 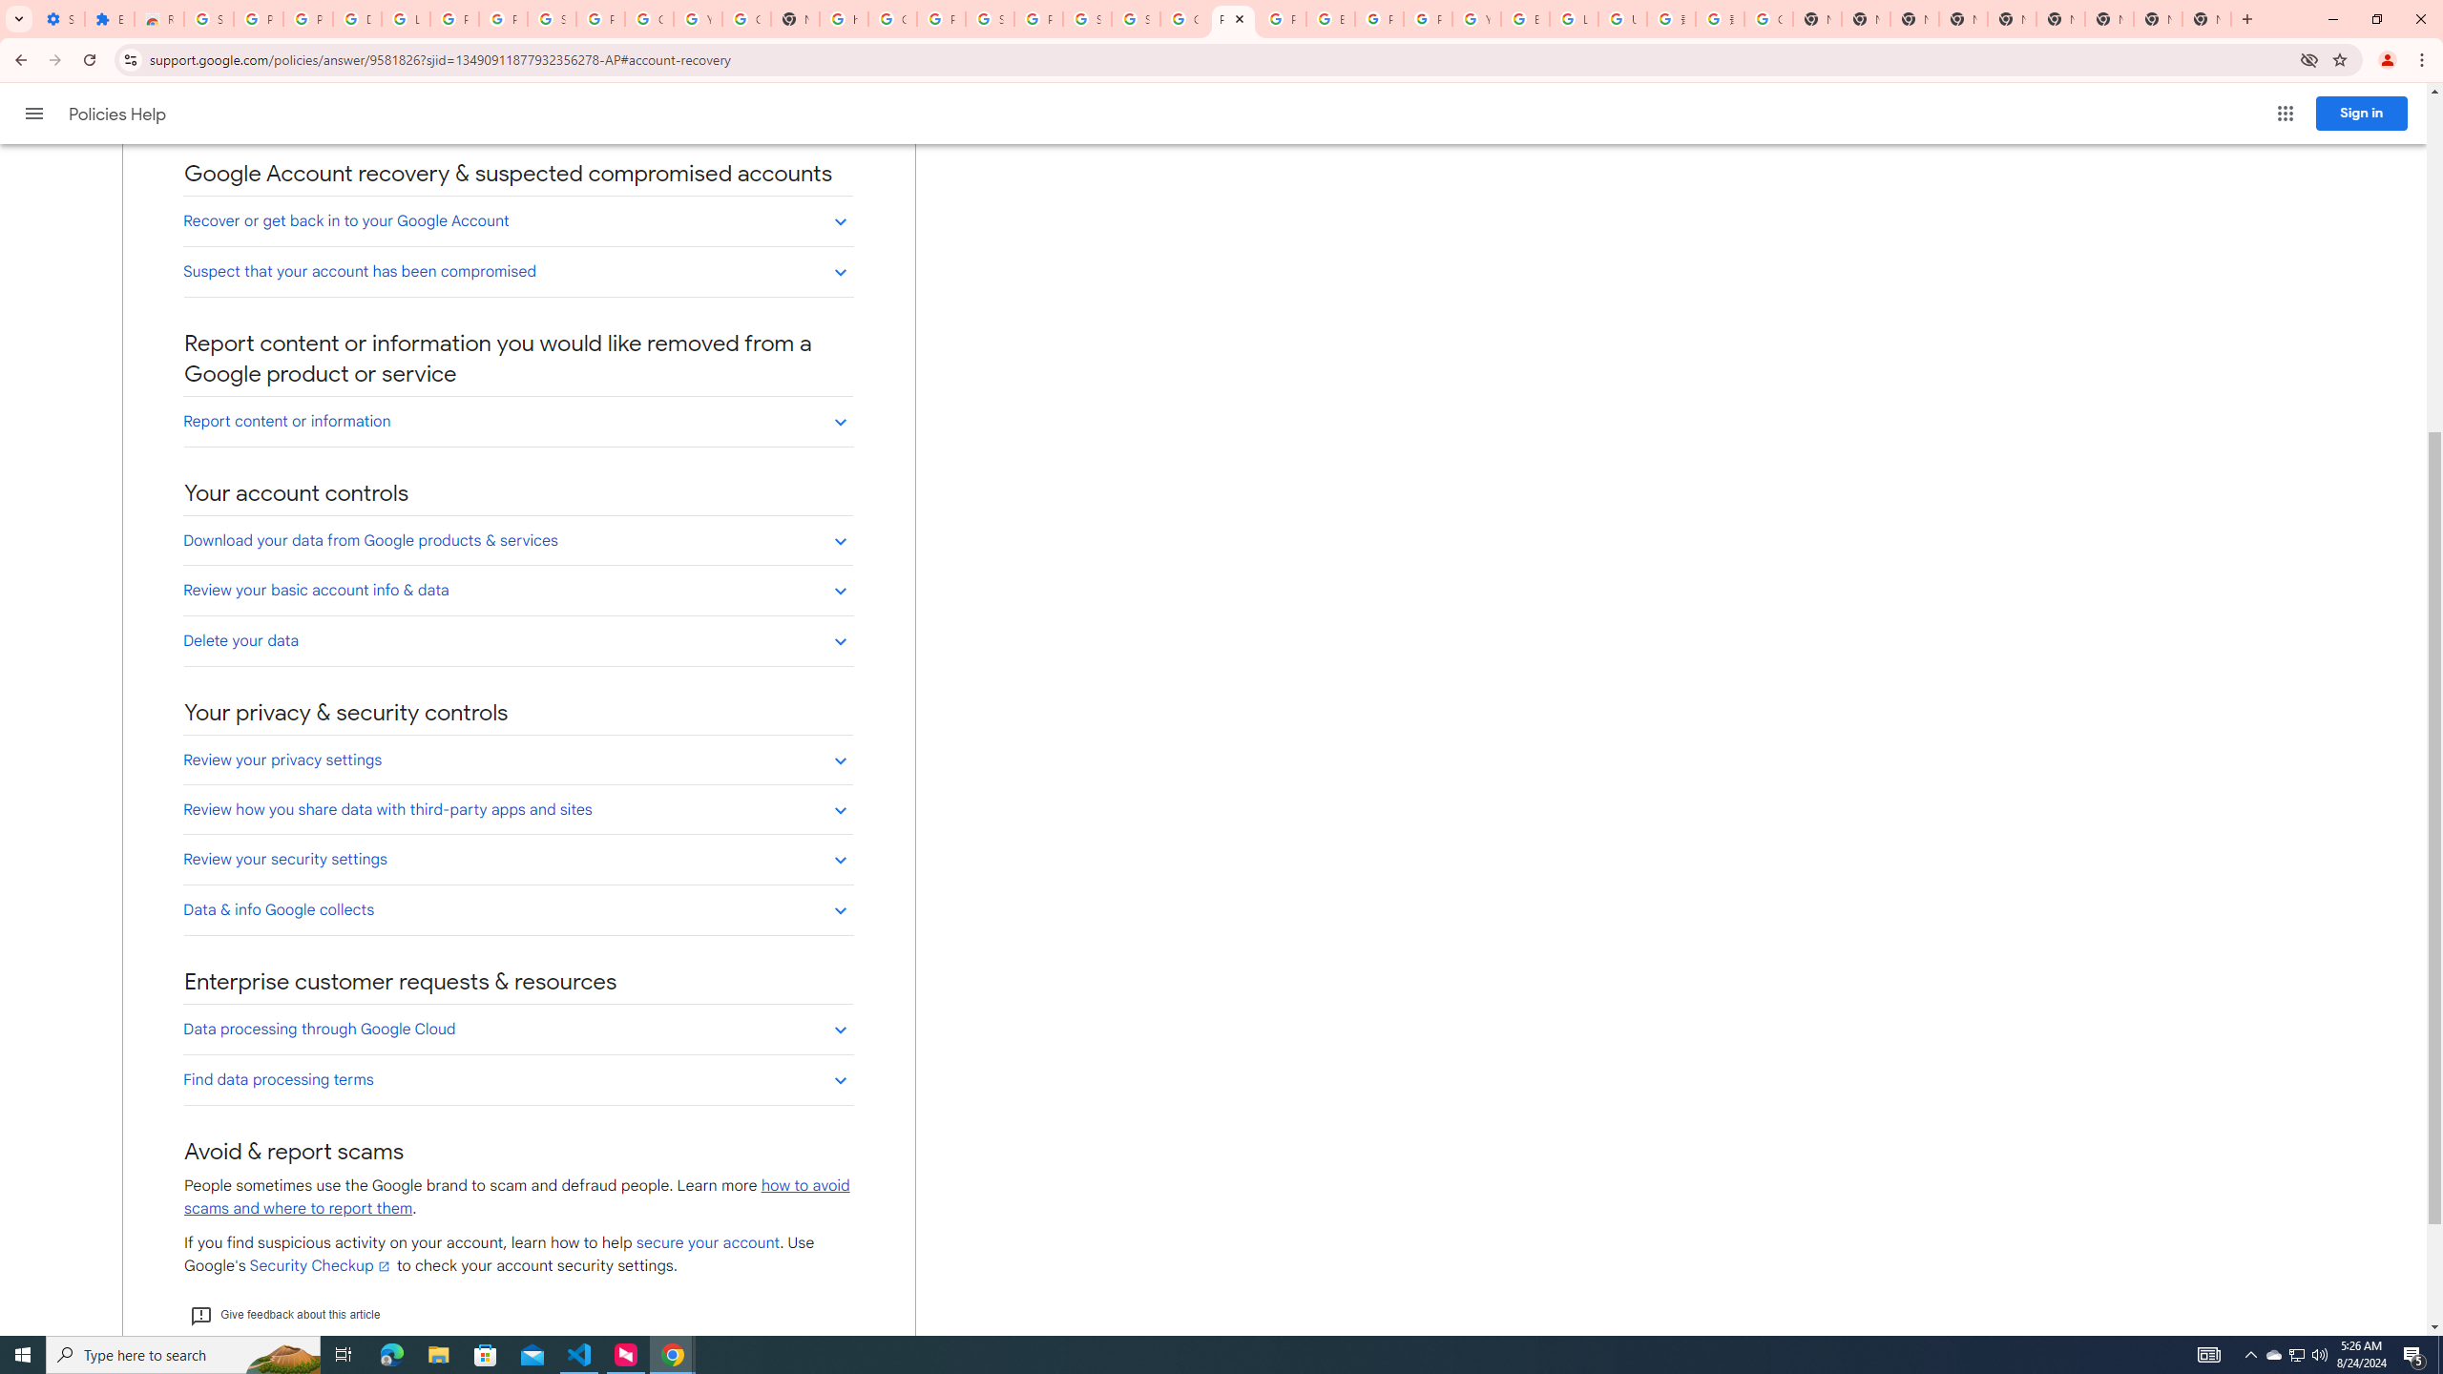 What do you see at coordinates (2361, 113) in the screenshot?
I see `'Sign in'` at bounding box center [2361, 113].